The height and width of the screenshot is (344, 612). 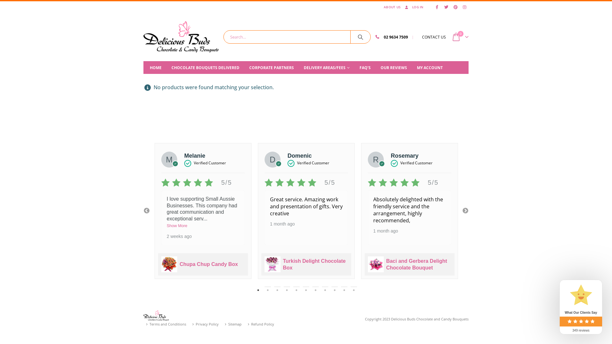 What do you see at coordinates (297, 68) in the screenshot?
I see `'DELIVERY AREAS/FEES'` at bounding box center [297, 68].